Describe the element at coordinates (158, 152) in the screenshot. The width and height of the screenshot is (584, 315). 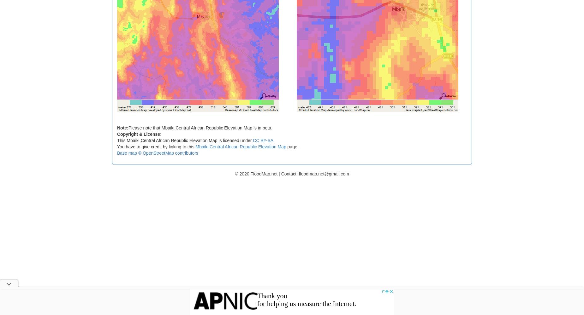
I see `'Base map © OpenStreetMap contributors'` at that location.